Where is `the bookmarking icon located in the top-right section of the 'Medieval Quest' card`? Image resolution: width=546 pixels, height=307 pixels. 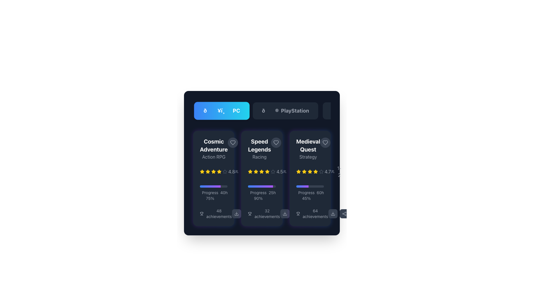 the bookmarking icon located in the top-right section of the 'Medieval Quest' card is located at coordinates (325, 142).